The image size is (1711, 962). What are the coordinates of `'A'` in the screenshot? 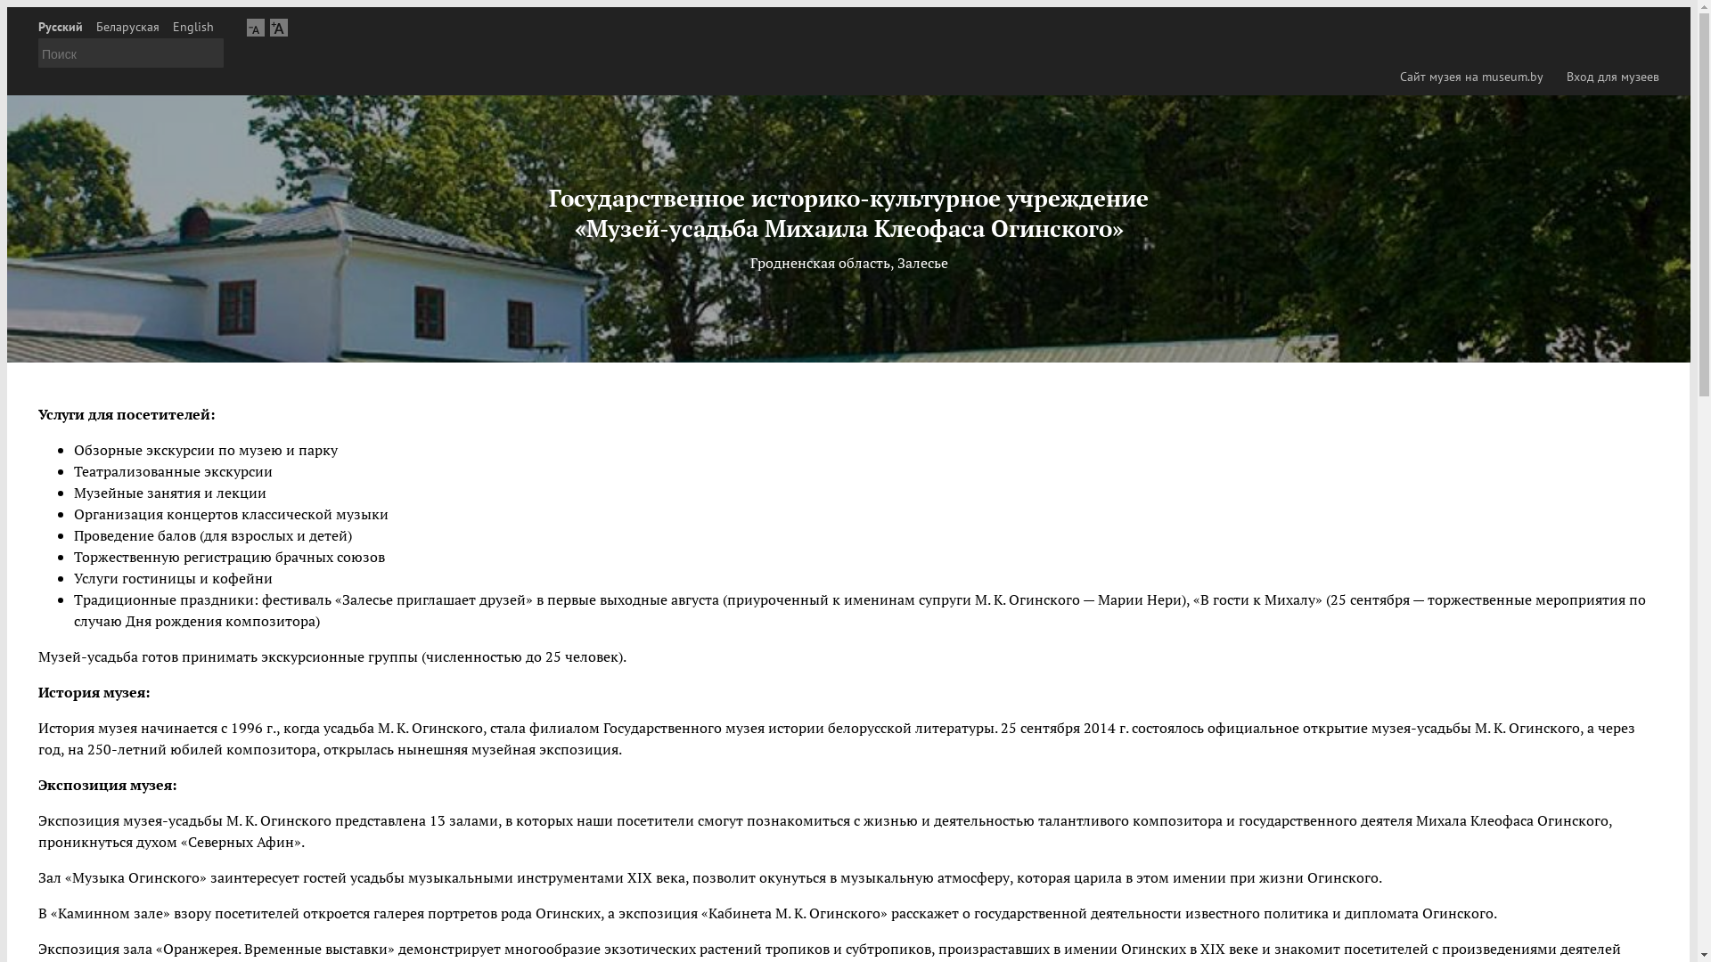 It's located at (255, 27).